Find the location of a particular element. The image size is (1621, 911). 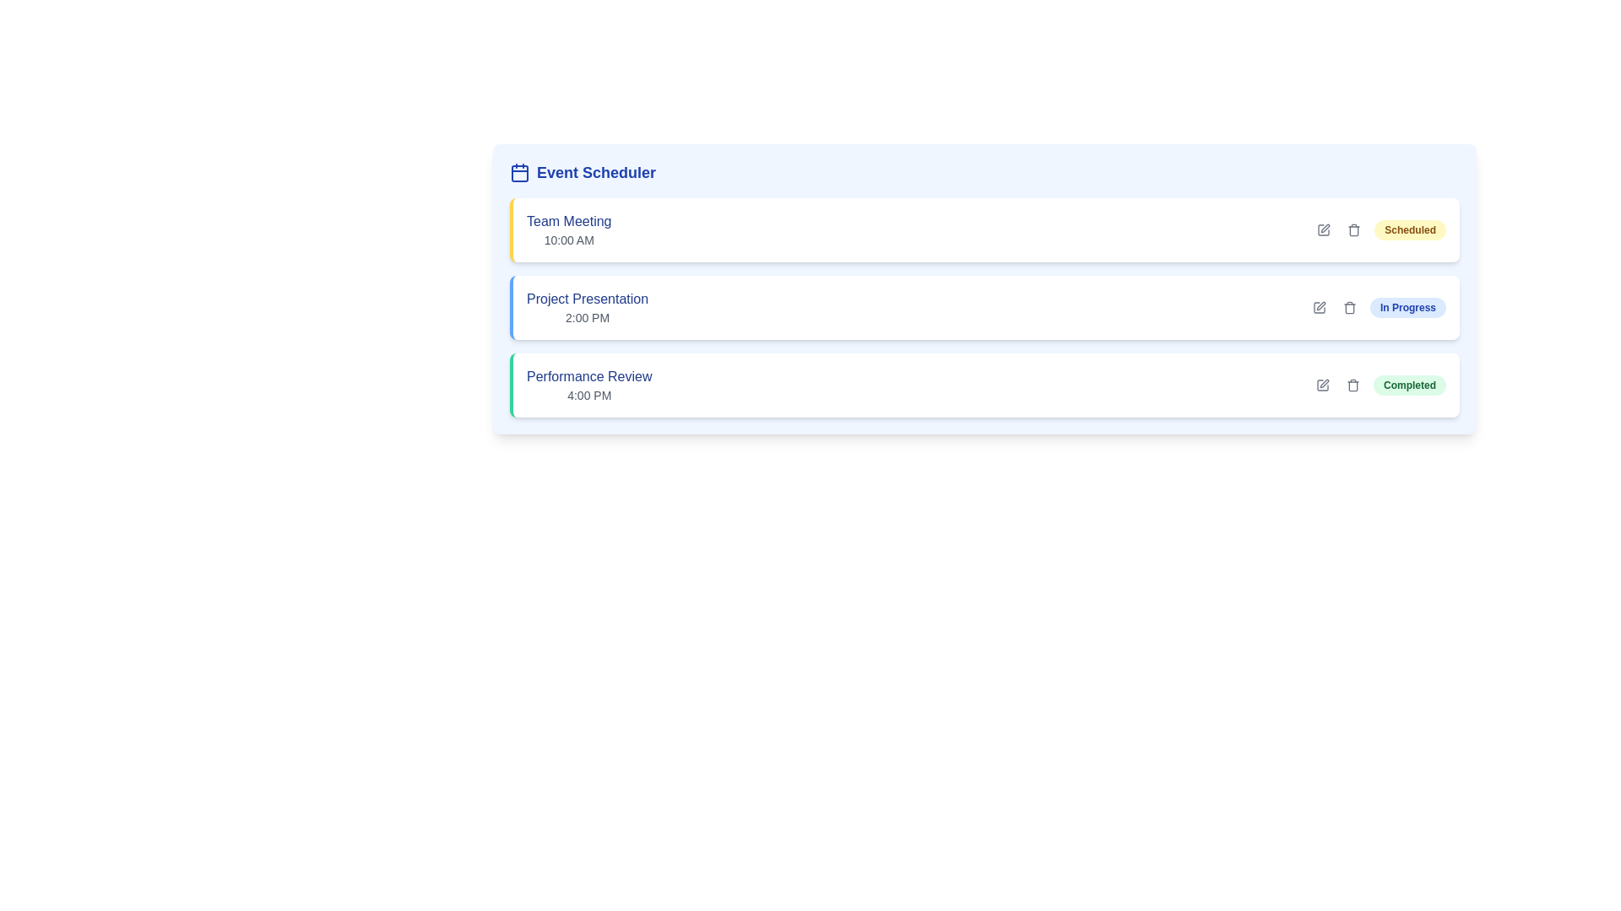

the inner rectangle component of the calendar icon, which is a decorative element within the SVG icon, located to the left of the 'Event Scheduler' title text is located at coordinates (518, 173).